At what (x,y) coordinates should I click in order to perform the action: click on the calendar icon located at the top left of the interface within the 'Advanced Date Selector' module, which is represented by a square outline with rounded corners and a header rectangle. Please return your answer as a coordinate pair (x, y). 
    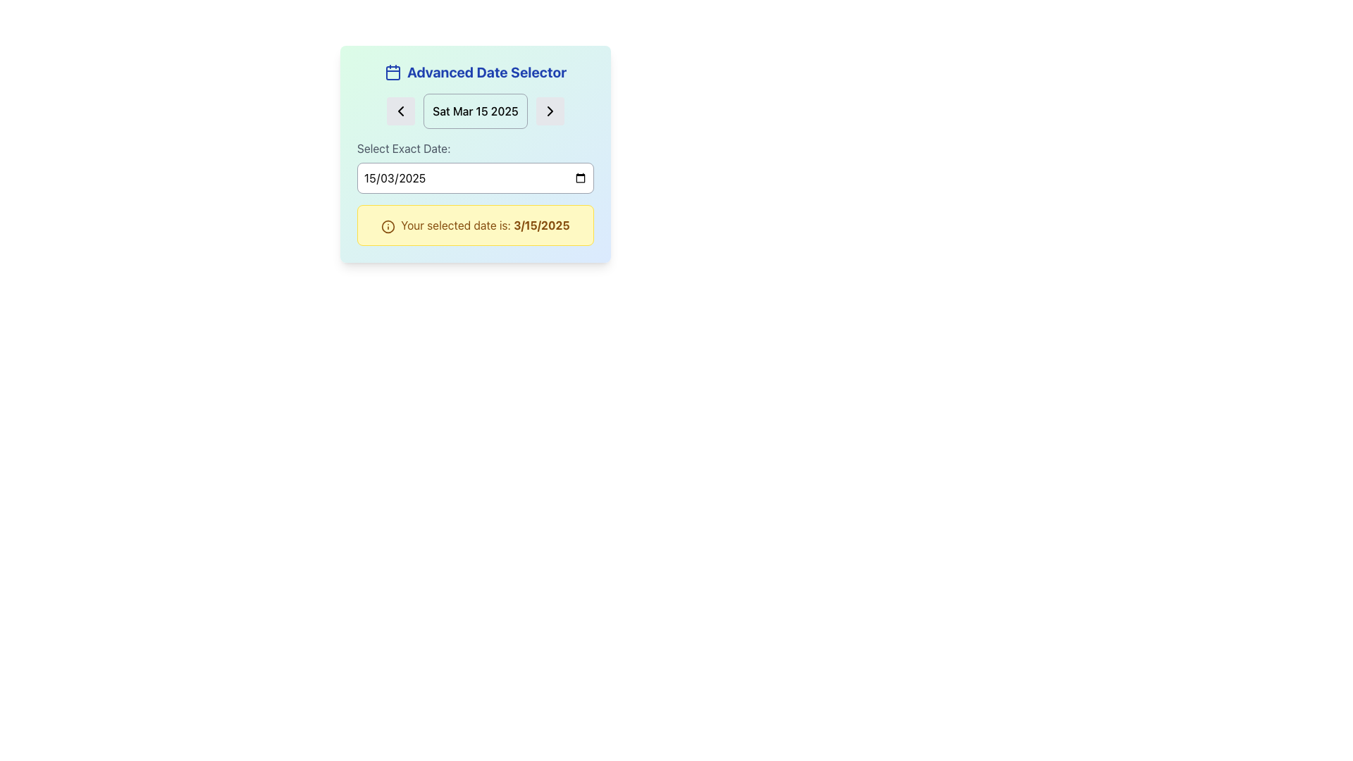
    Looking at the image, I should click on (393, 73).